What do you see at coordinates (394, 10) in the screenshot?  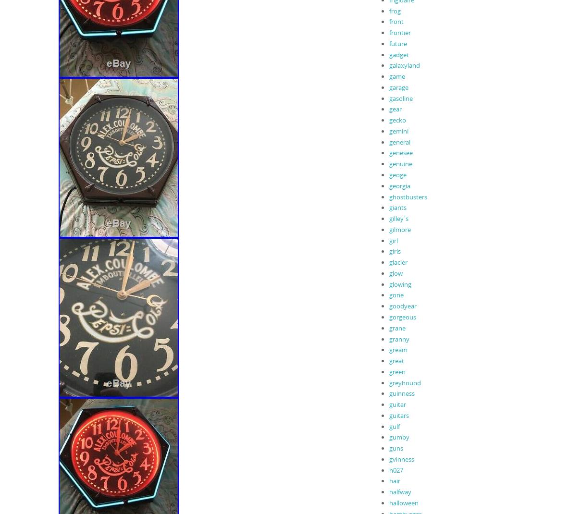 I see `'frog'` at bounding box center [394, 10].